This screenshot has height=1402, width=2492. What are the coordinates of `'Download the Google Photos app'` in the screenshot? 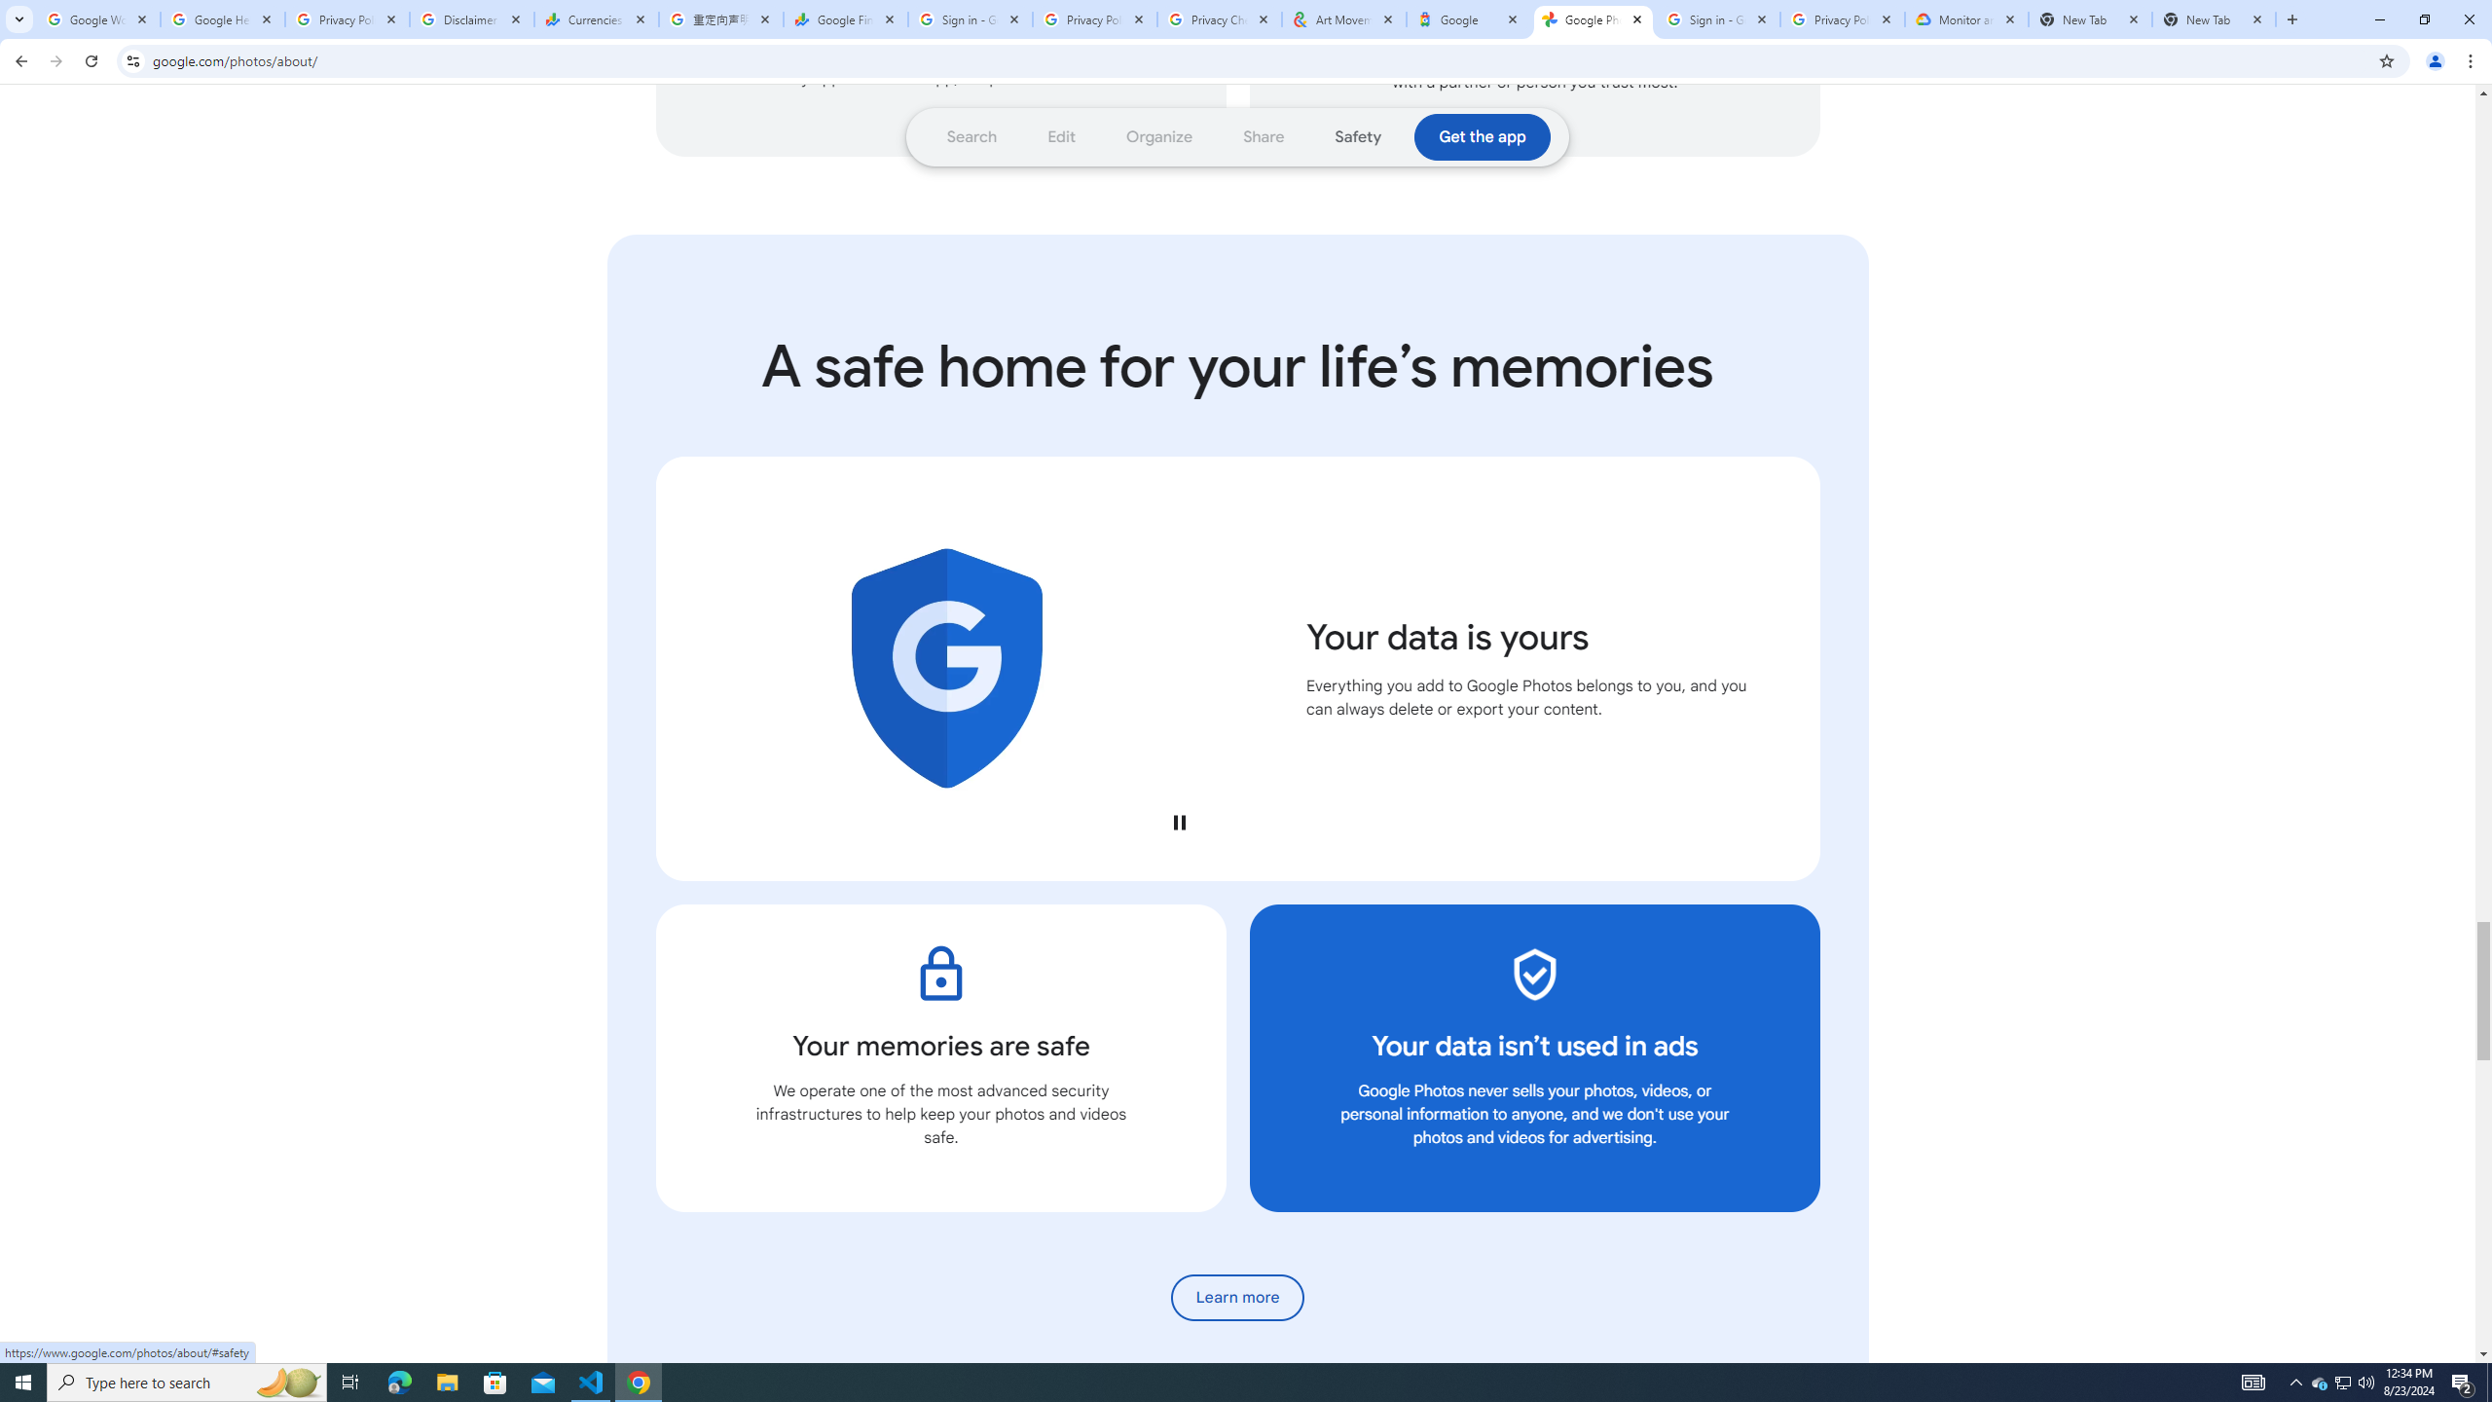 It's located at (1482, 137).